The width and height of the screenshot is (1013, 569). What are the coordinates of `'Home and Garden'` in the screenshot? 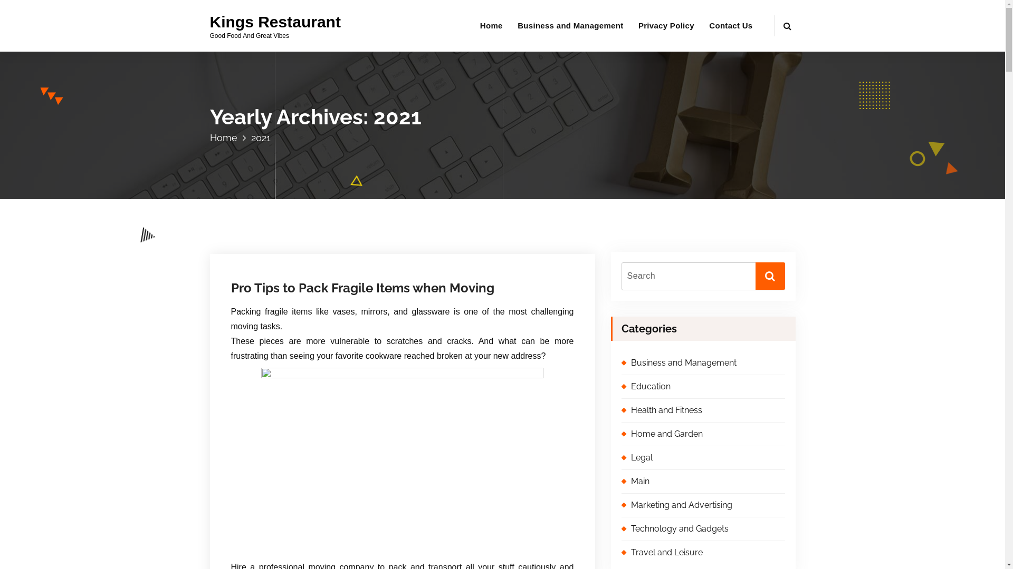 It's located at (703, 434).